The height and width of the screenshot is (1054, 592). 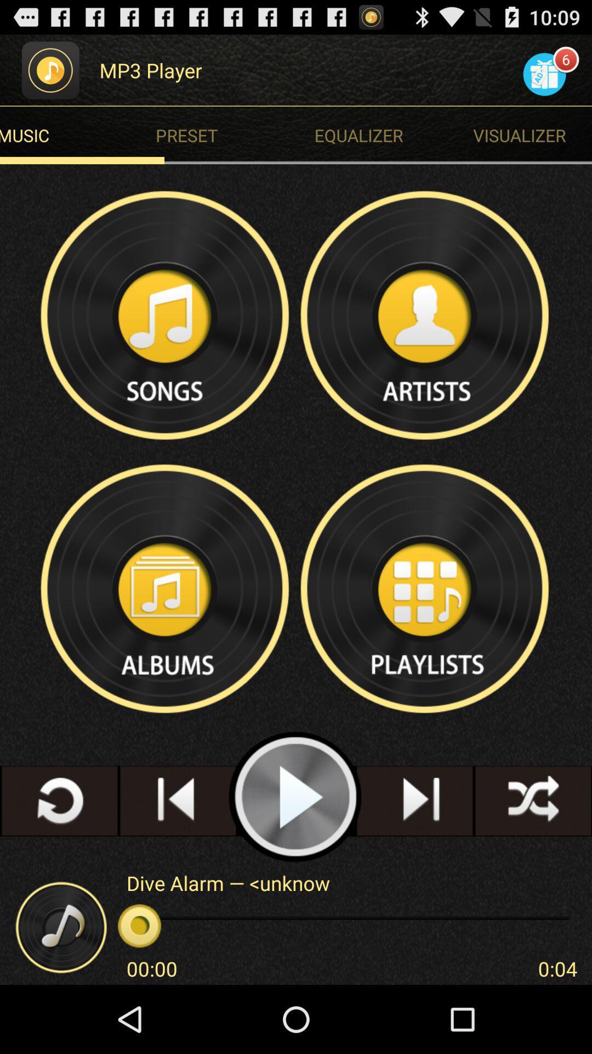 I want to click on playback, so click(x=295, y=797).